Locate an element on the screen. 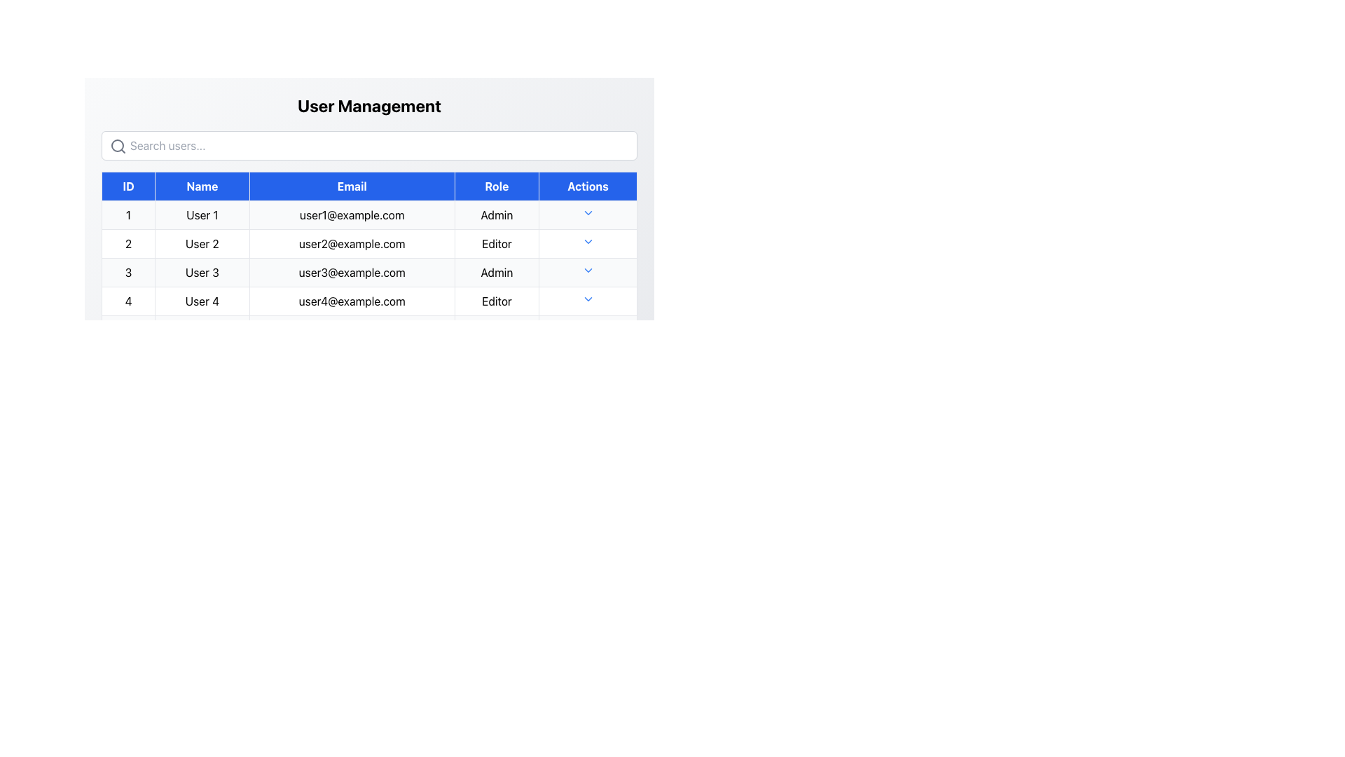 This screenshot has width=1345, height=757. the static text element that serves as a title or heading for the section, located at the top-middle portion of the interface, above a search input field and a data table is located at coordinates (369, 104).